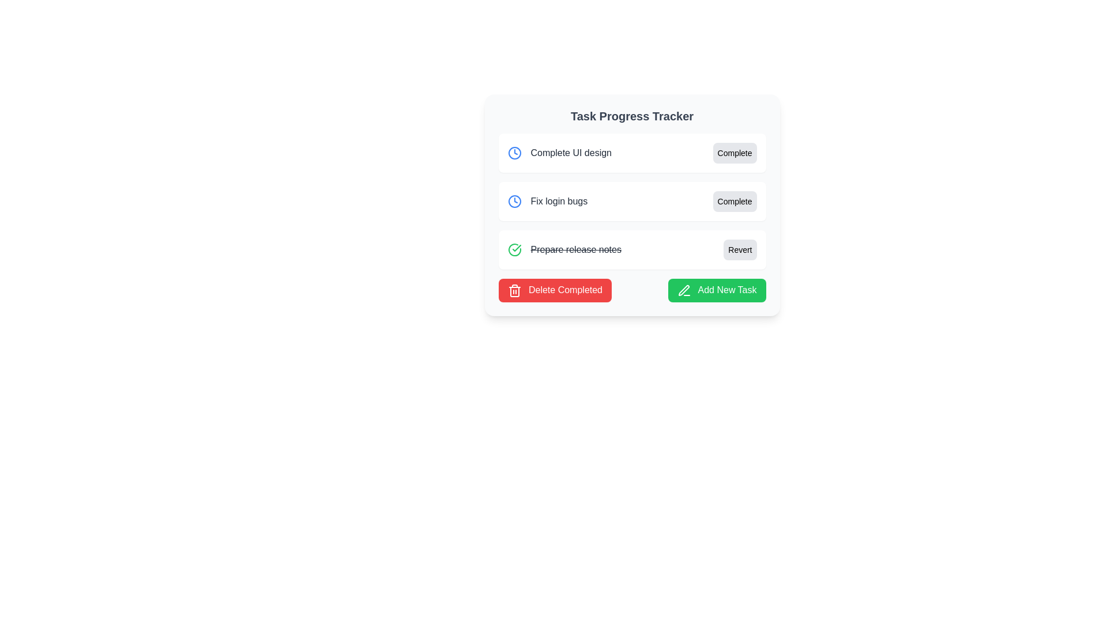  What do you see at coordinates (559, 153) in the screenshot?
I see `the static label displaying 'Complete UI design' in the 'Task Progress Tracker' section, which is the first task in the task list` at bounding box center [559, 153].